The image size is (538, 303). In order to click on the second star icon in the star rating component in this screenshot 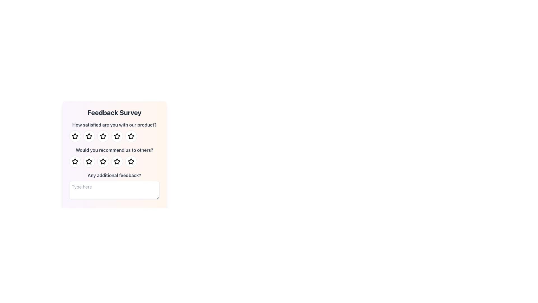, I will do `click(103, 136)`.